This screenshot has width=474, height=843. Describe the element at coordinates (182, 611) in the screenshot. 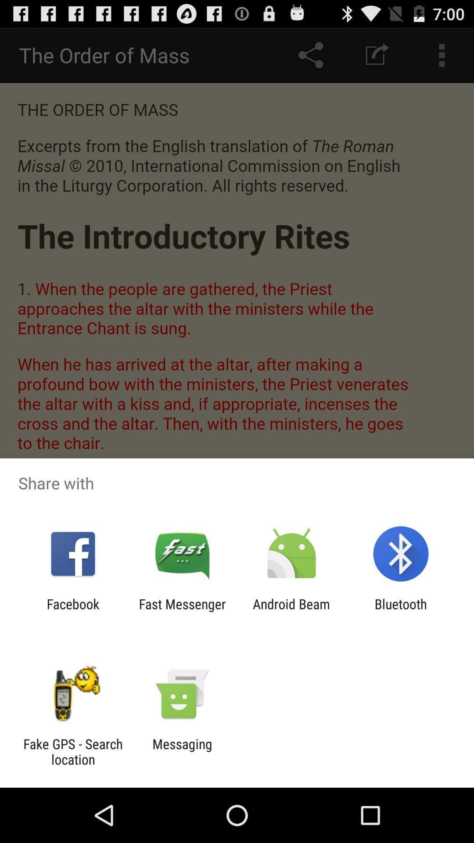

I see `app next to android beam icon` at that location.